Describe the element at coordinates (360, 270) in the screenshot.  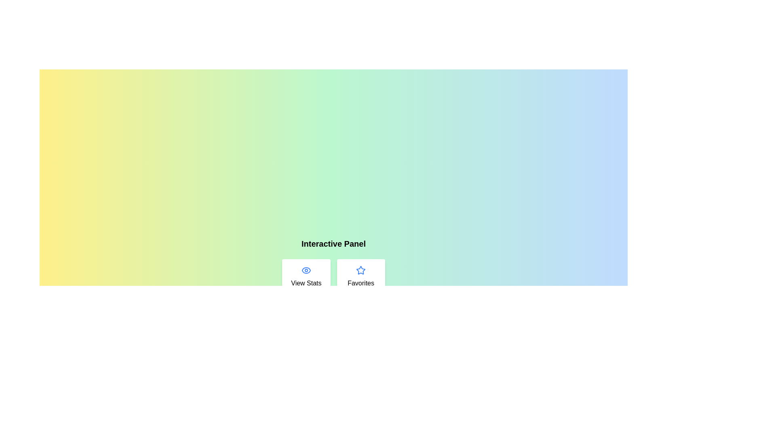
I see `the star icon with a blue outline and white-filled interior, located within the 'Favorites' button below the 'Interactive Panel' heading` at that location.